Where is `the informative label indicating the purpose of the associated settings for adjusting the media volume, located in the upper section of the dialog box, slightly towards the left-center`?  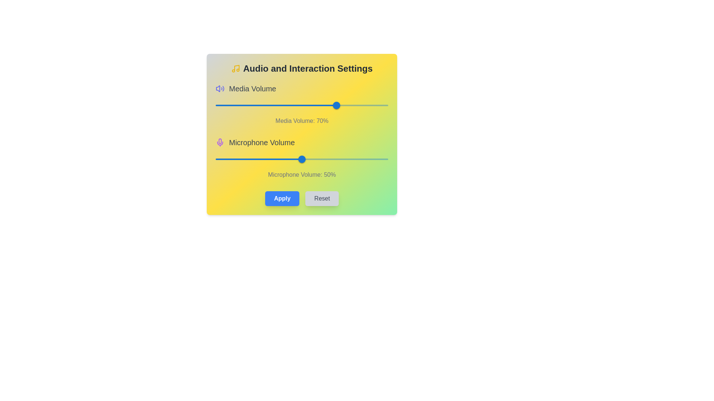
the informative label indicating the purpose of the associated settings for adjusting the media volume, located in the upper section of the dialog box, slightly towards the left-center is located at coordinates (253, 88).